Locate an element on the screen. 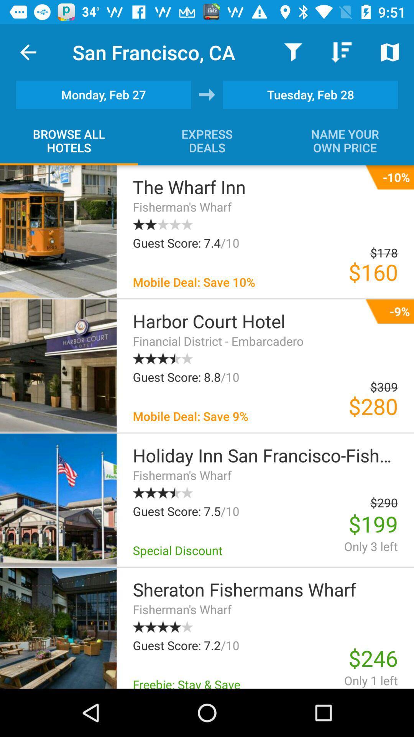 This screenshot has width=414, height=737. the icon above the monday, feb 27 is located at coordinates (28, 52).